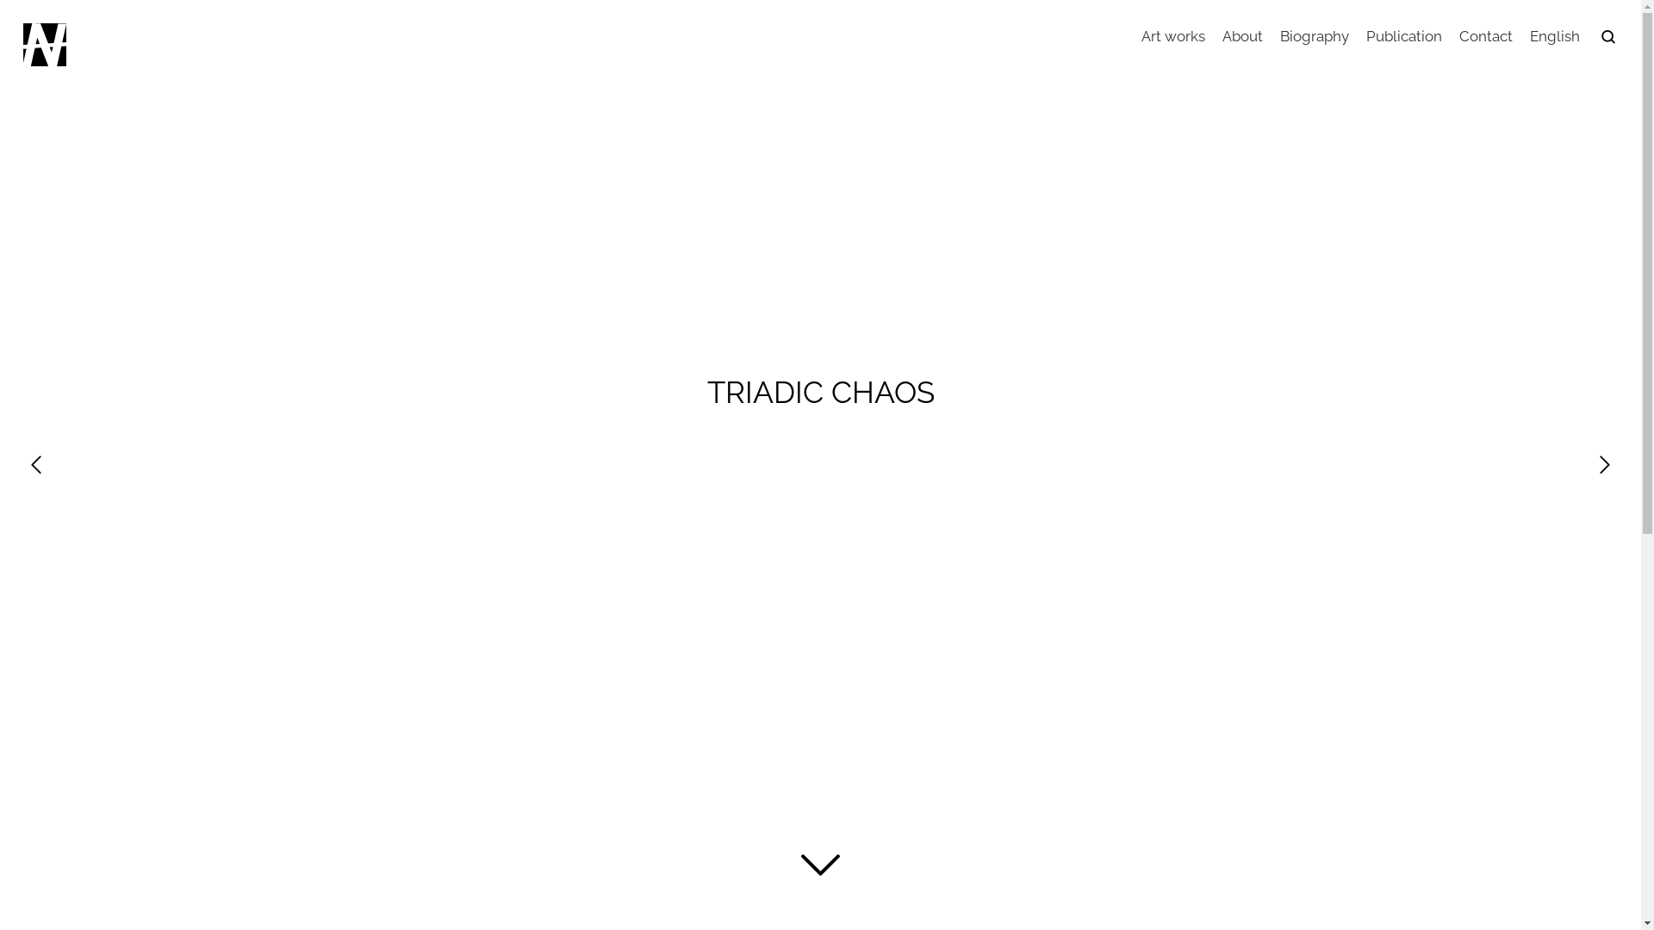 The width and height of the screenshot is (1654, 930). Describe the element at coordinates (1314, 36) in the screenshot. I see `'Biography'` at that location.